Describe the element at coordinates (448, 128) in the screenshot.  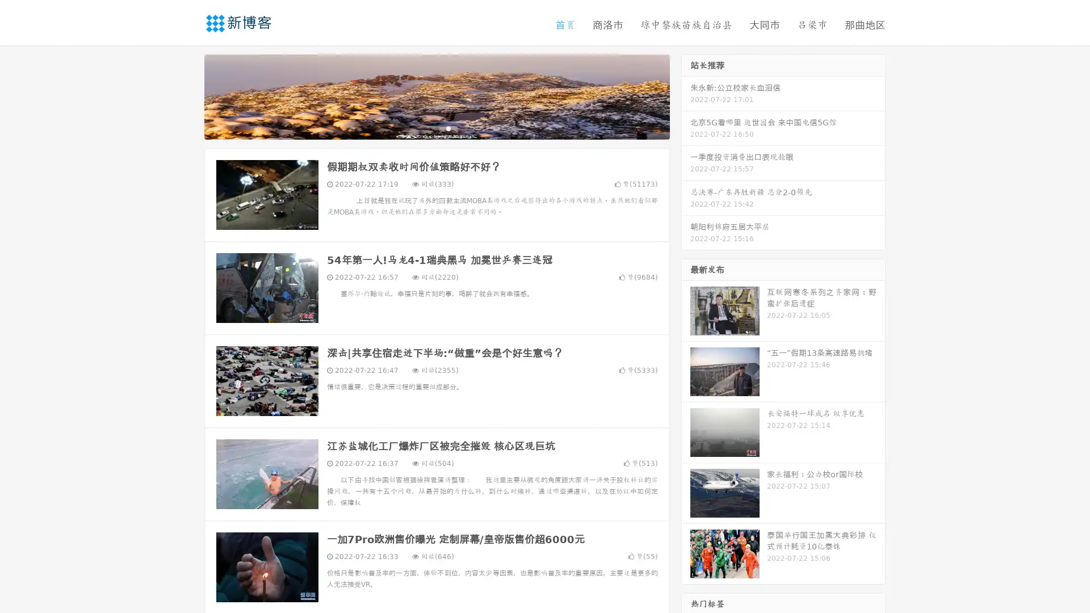
I see `Go to slide 3` at that location.